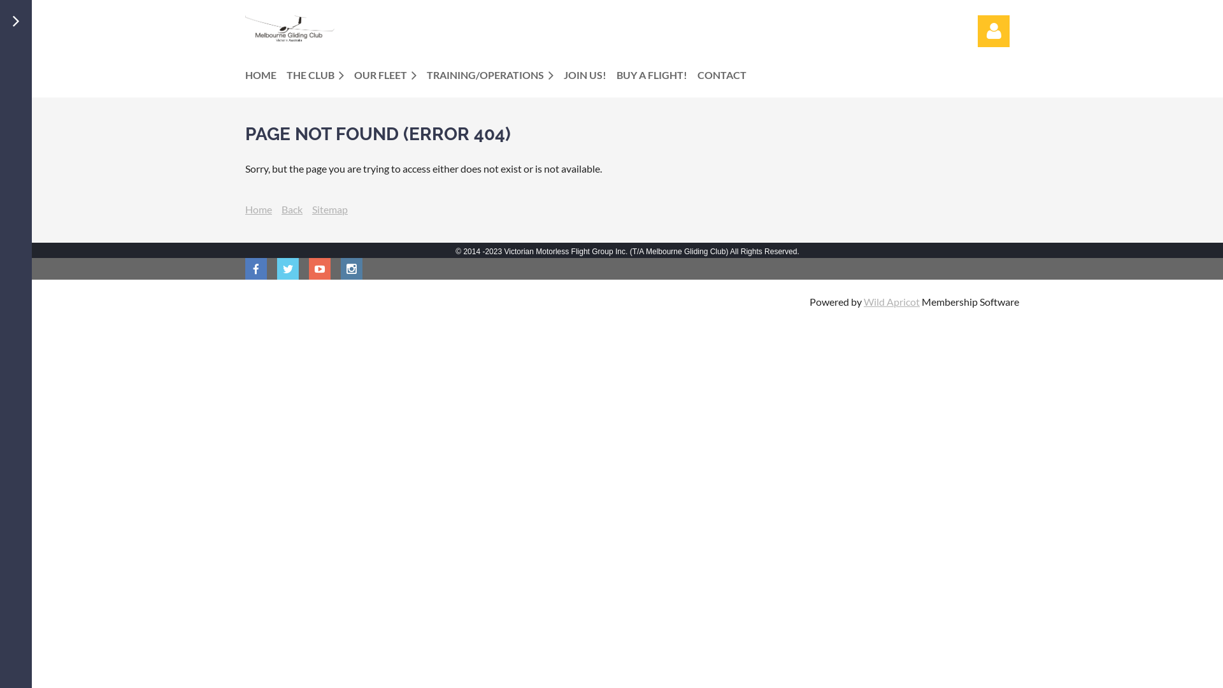 This screenshot has width=1223, height=688. Describe the element at coordinates (255, 268) in the screenshot. I see `'Facebook'` at that location.